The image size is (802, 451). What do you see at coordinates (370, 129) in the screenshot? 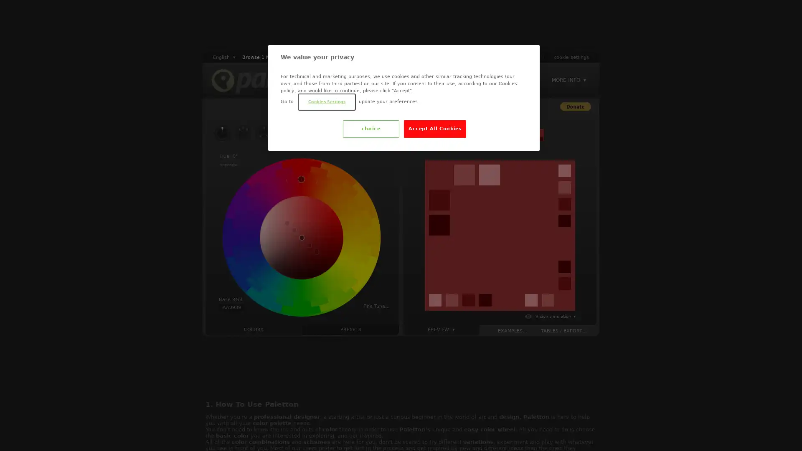
I see `choice` at bounding box center [370, 129].